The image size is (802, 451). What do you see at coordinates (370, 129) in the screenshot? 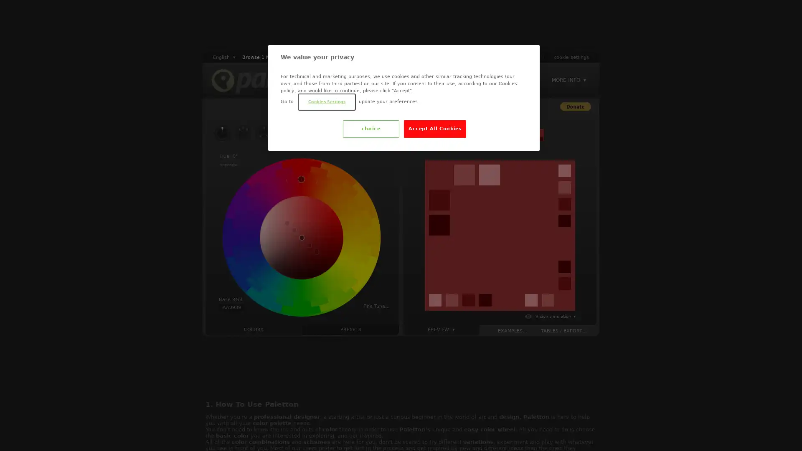
I see `choice` at bounding box center [370, 129].